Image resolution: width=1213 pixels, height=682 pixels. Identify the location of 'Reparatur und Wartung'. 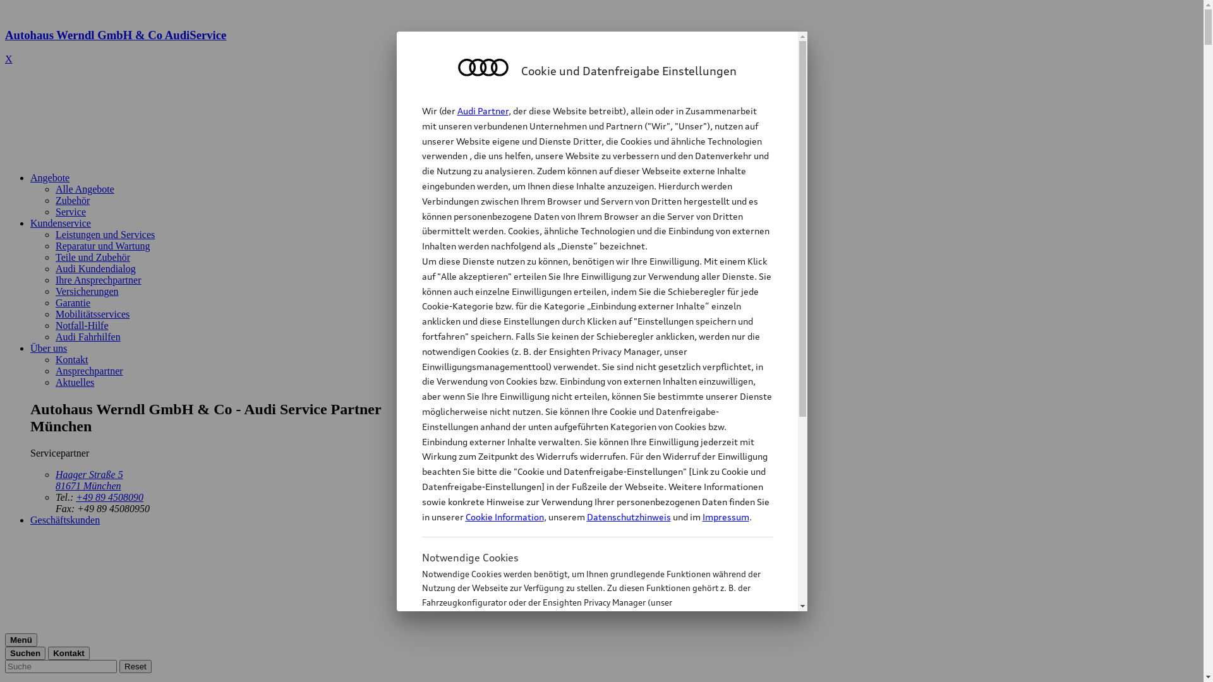
(102, 246).